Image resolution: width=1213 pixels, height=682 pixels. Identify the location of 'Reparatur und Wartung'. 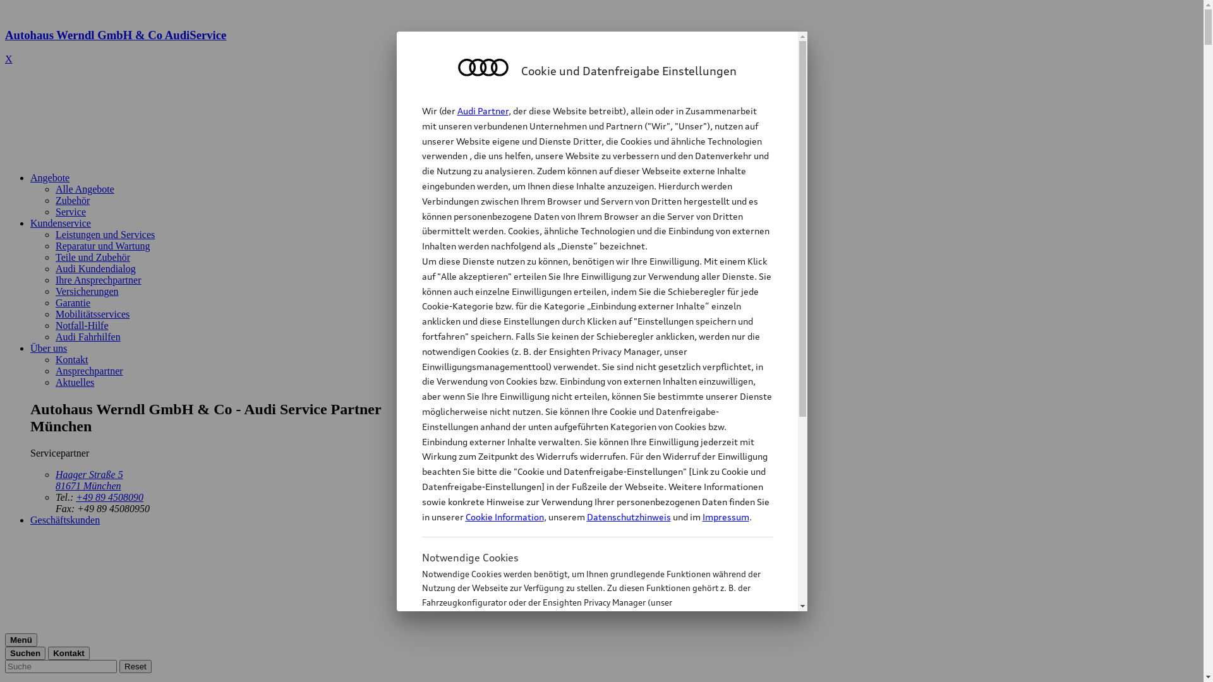
(102, 246).